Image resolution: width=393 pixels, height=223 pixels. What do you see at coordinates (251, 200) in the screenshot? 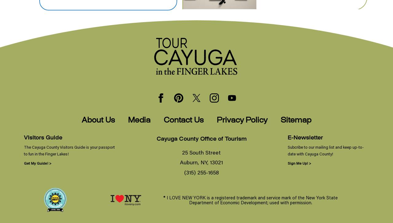
I see `'® I LOVE NEW YORK is a registered trademark and service mark of the New York State Department of Economic Development; used with permission.'` at bounding box center [251, 200].